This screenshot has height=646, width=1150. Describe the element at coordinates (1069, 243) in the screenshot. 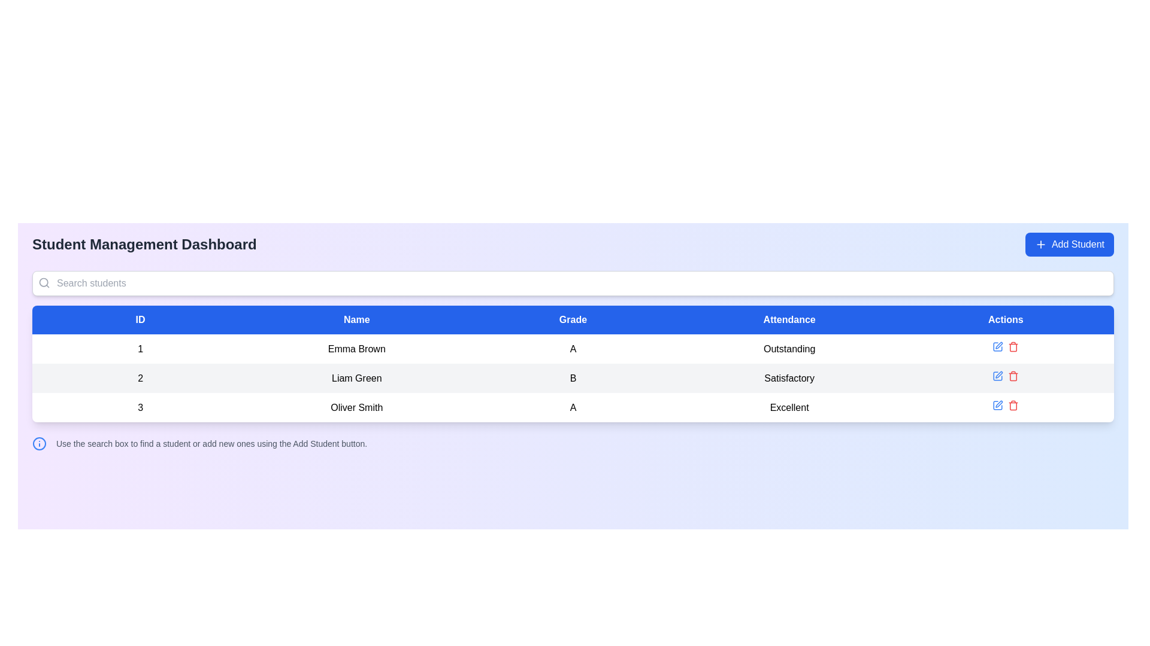

I see `the button that initiates the process of adding a new student to the dashboard` at that location.